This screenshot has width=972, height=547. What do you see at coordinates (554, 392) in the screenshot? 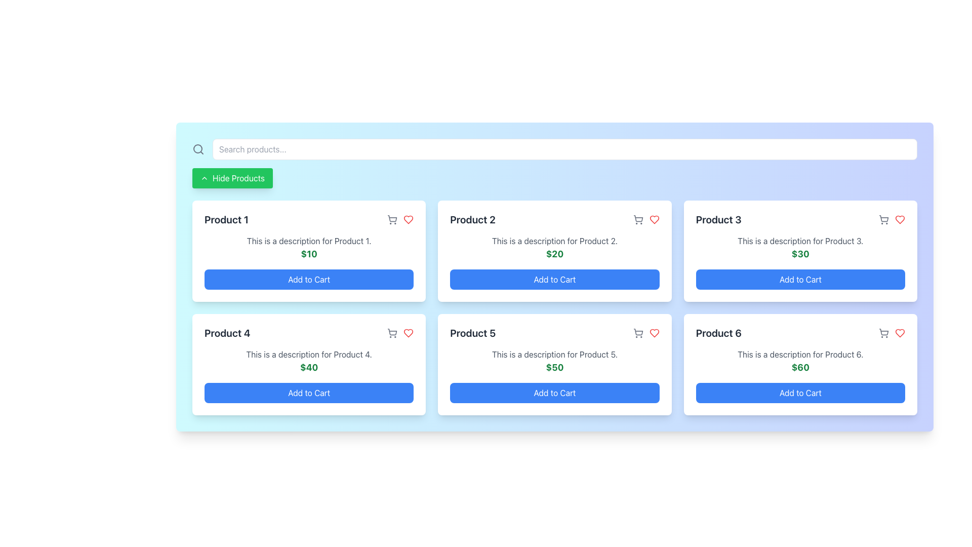
I see `the 'Add Product 5 to Cart' button located at the bottom of the Product 5 card` at bounding box center [554, 392].